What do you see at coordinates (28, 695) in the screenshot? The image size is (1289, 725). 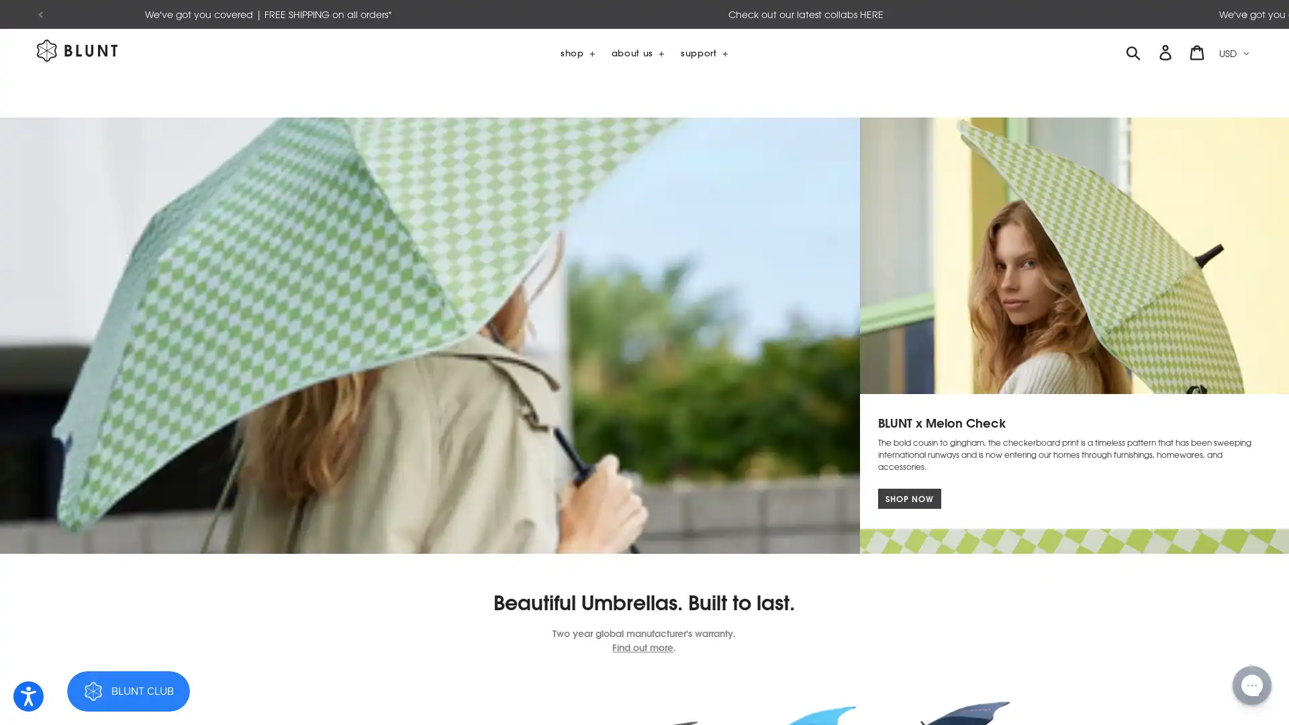 I see `Open accessibility options, statement and help` at bounding box center [28, 695].